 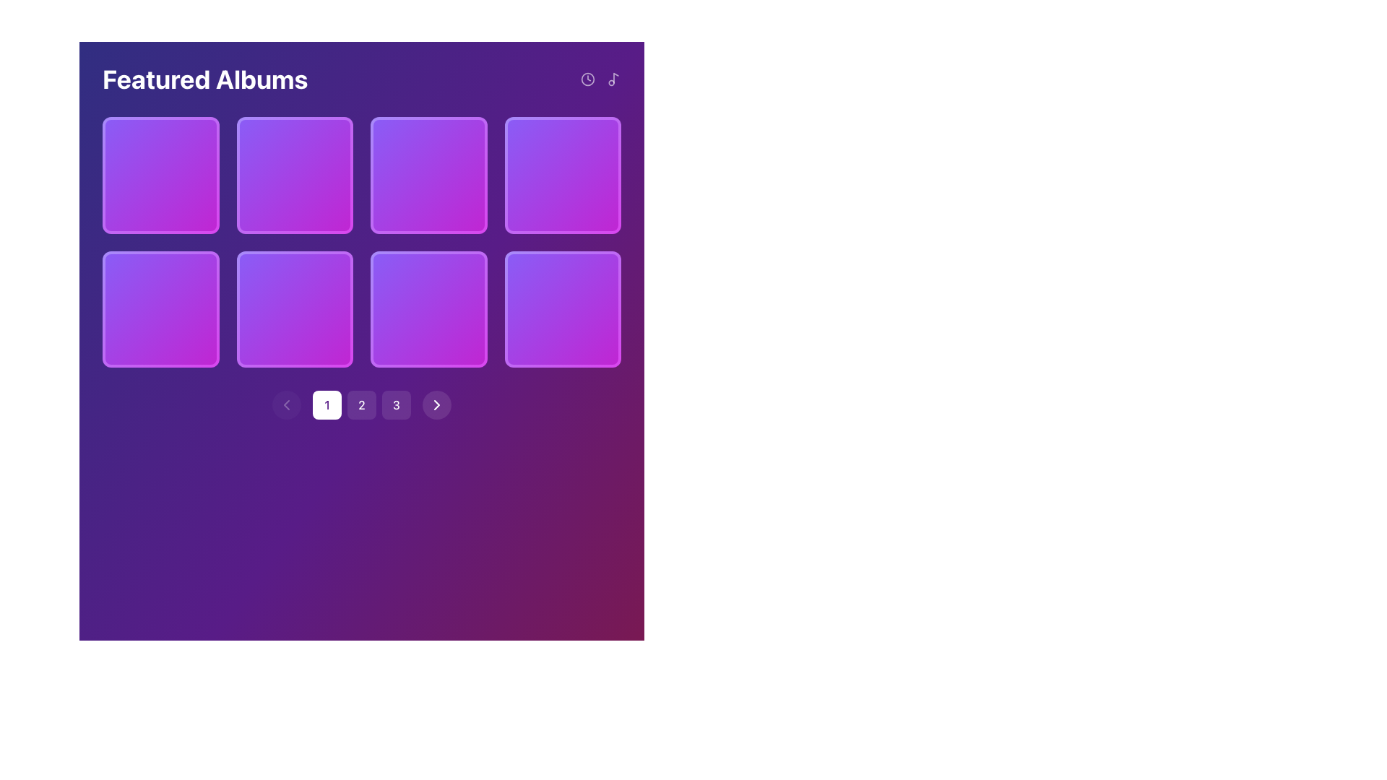 What do you see at coordinates (204, 79) in the screenshot?
I see `the Text Label that serves as a heading indicating 'Featured Albums', located in the upper-left part of the layout` at bounding box center [204, 79].